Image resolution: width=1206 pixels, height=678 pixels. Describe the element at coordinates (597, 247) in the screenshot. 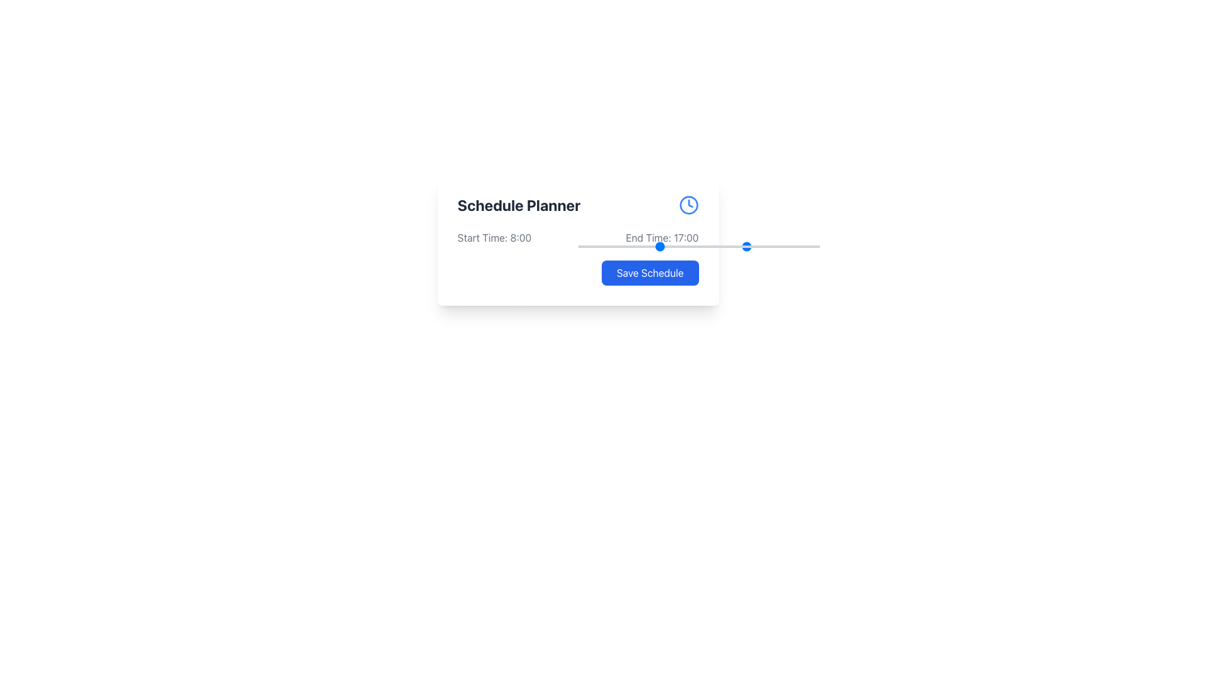

I see `the end time` at that location.